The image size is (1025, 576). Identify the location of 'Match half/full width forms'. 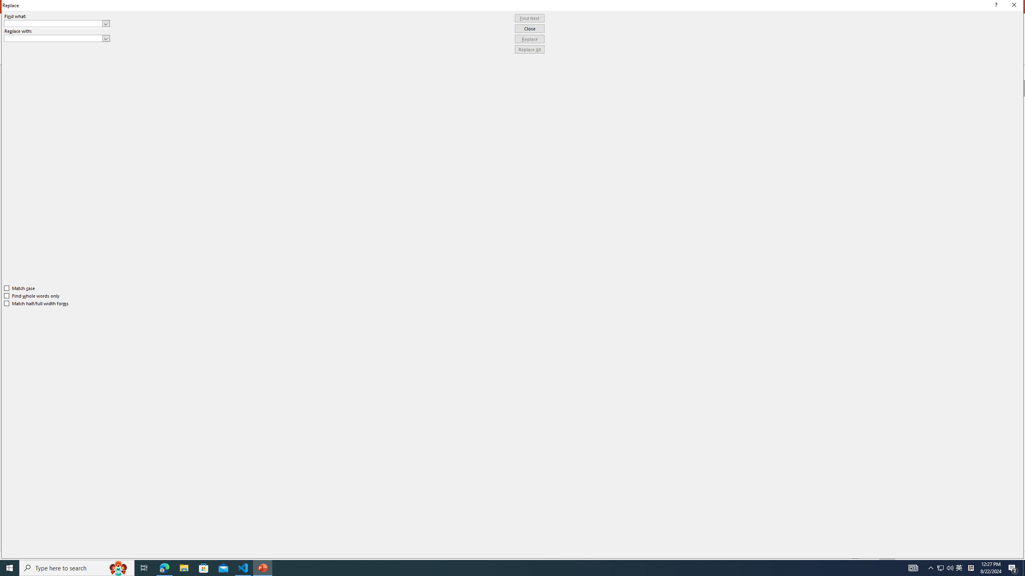
(36, 303).